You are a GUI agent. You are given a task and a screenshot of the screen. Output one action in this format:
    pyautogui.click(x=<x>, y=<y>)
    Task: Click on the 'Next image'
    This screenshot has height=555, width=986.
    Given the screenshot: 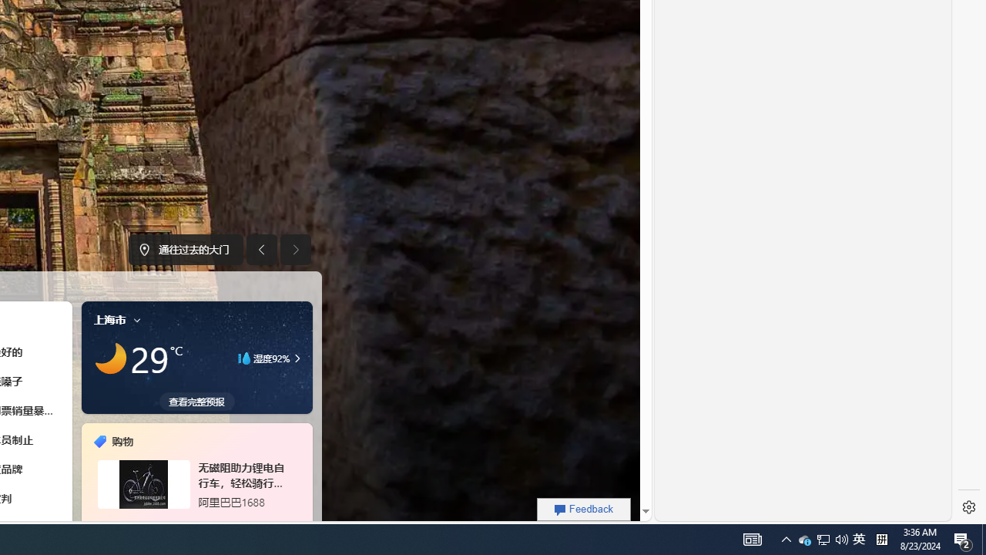 What is the action you would take?
    pyautogui.click(x=296, y=249)
    